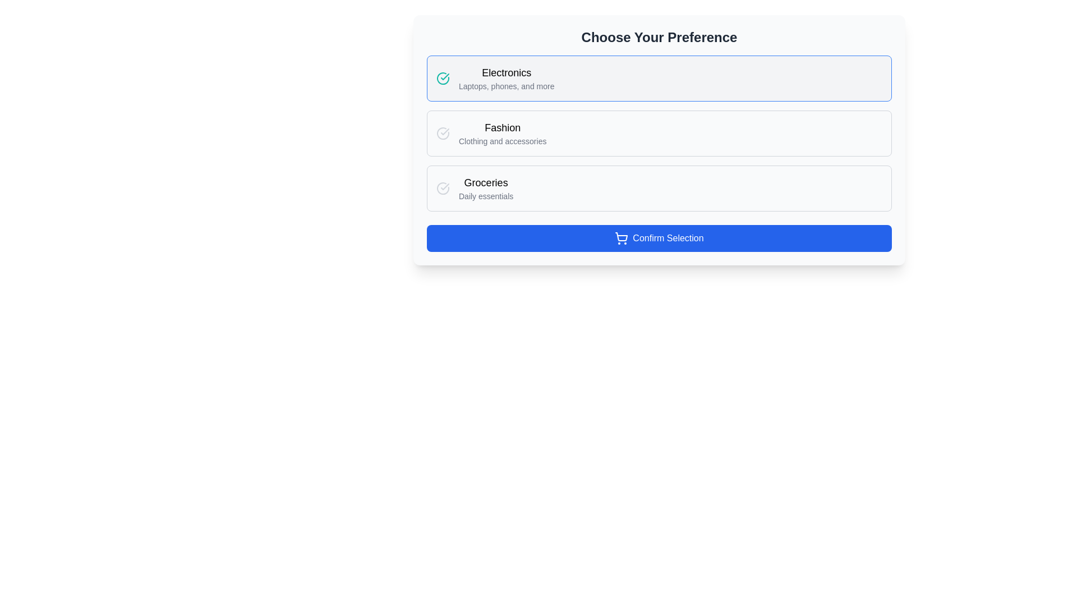 The height and width of the screenshot is (606, 1077). Describe the element at coordinates (668, 237) in the screenshot. I see `the 'Confirm Selection' button, which is a blue button with white text and a shopping cart icon, located at the bottom center of the interface` at that location.